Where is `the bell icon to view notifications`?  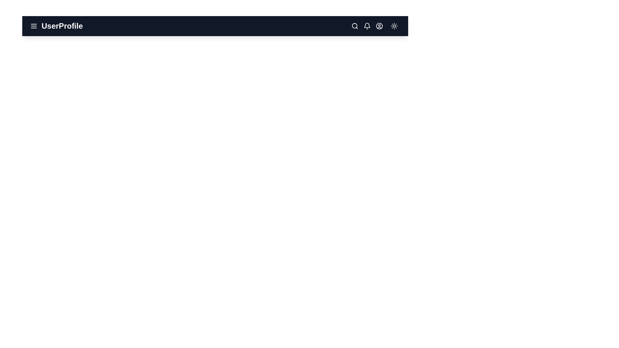 the bell icon to view notifications is located at coordinates (367, 26).